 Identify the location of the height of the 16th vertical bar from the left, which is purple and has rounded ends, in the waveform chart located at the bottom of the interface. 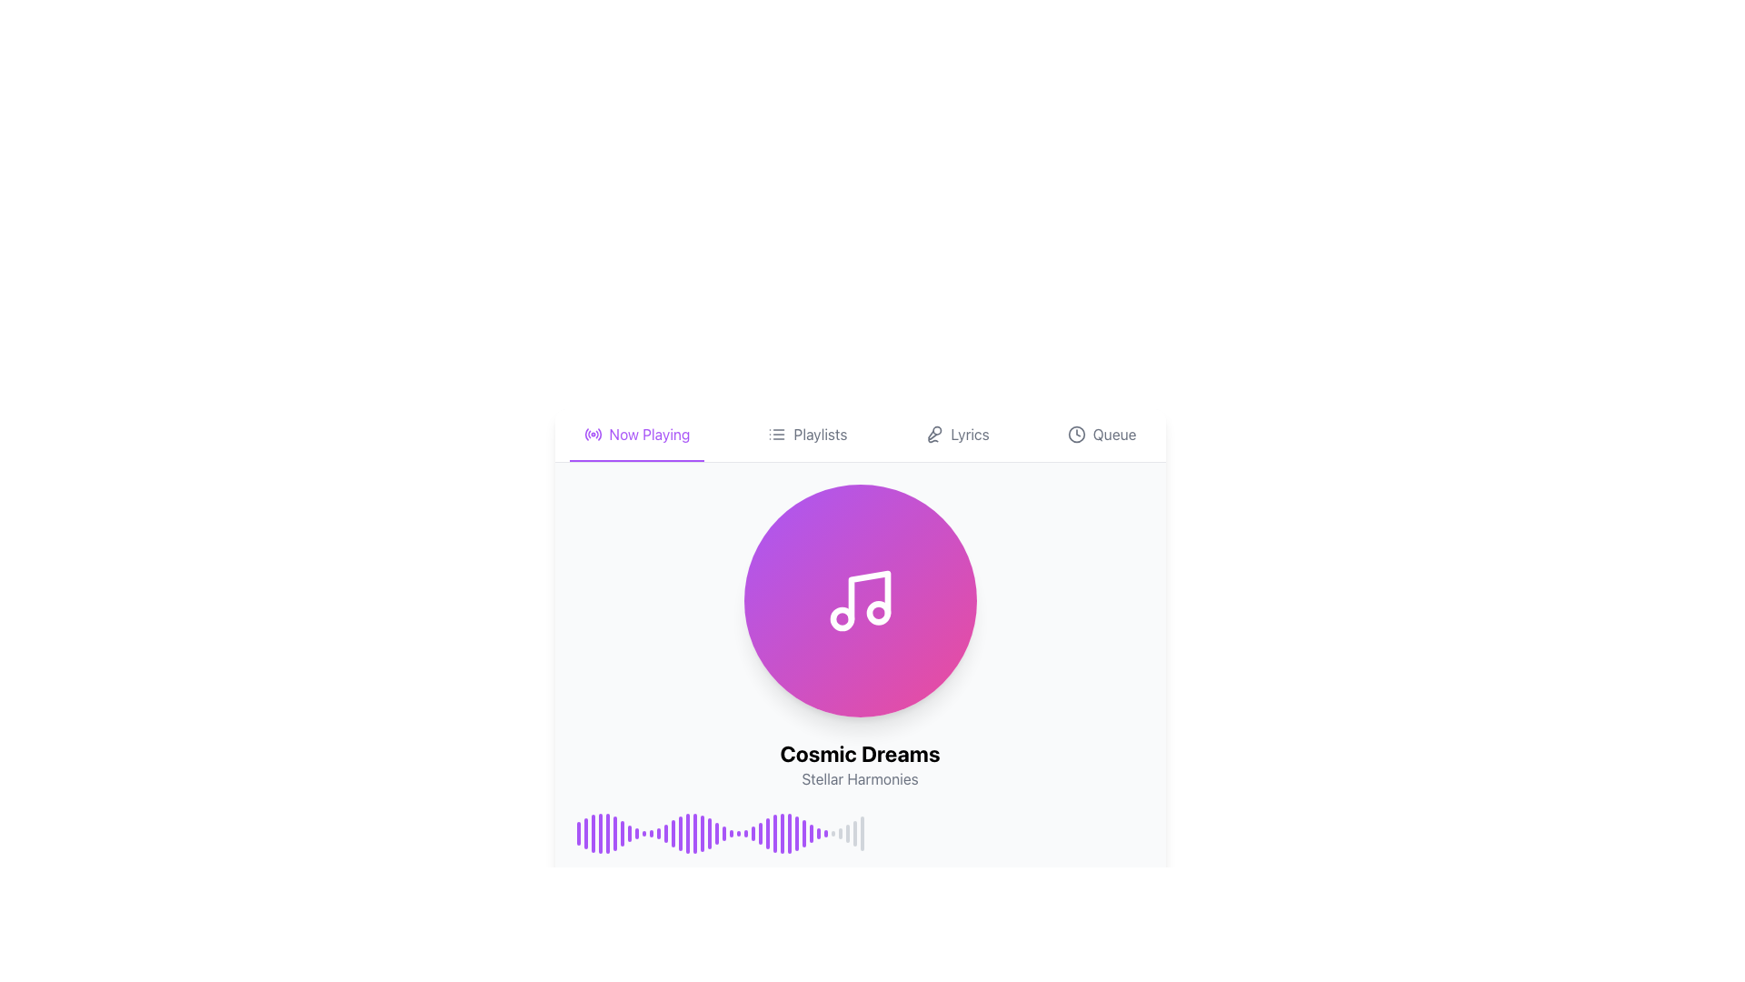
(686, 834).